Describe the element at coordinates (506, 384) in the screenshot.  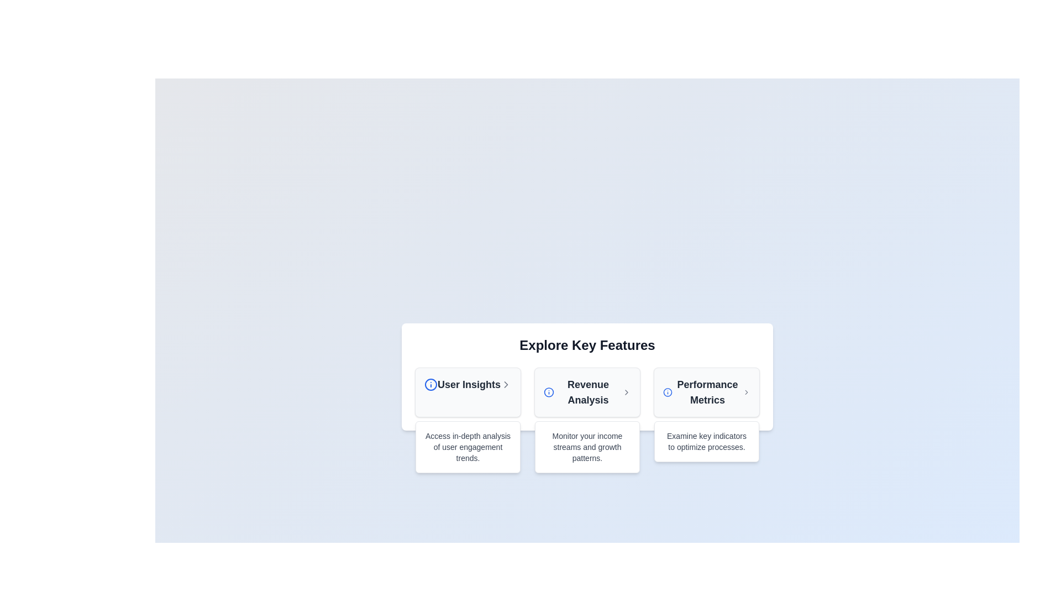
I see `the chevron icon located to the far right of the 'User Insights' block` at that location.